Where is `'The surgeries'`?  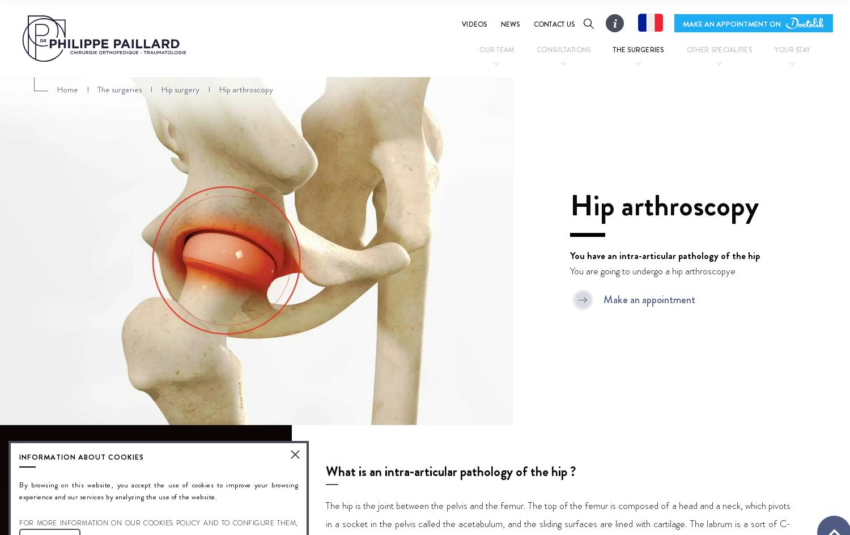 'The surgeries' is located at coordinates (638, 49).